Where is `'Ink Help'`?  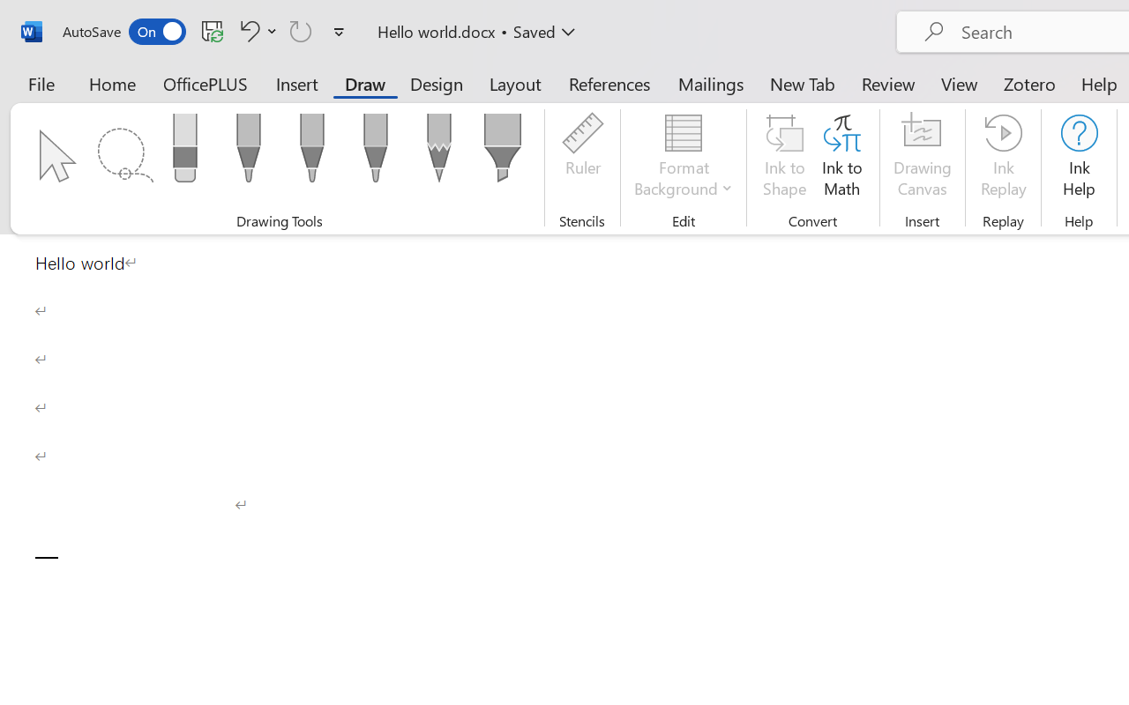 'Ink Help' is located at coordinates (1078, 158).